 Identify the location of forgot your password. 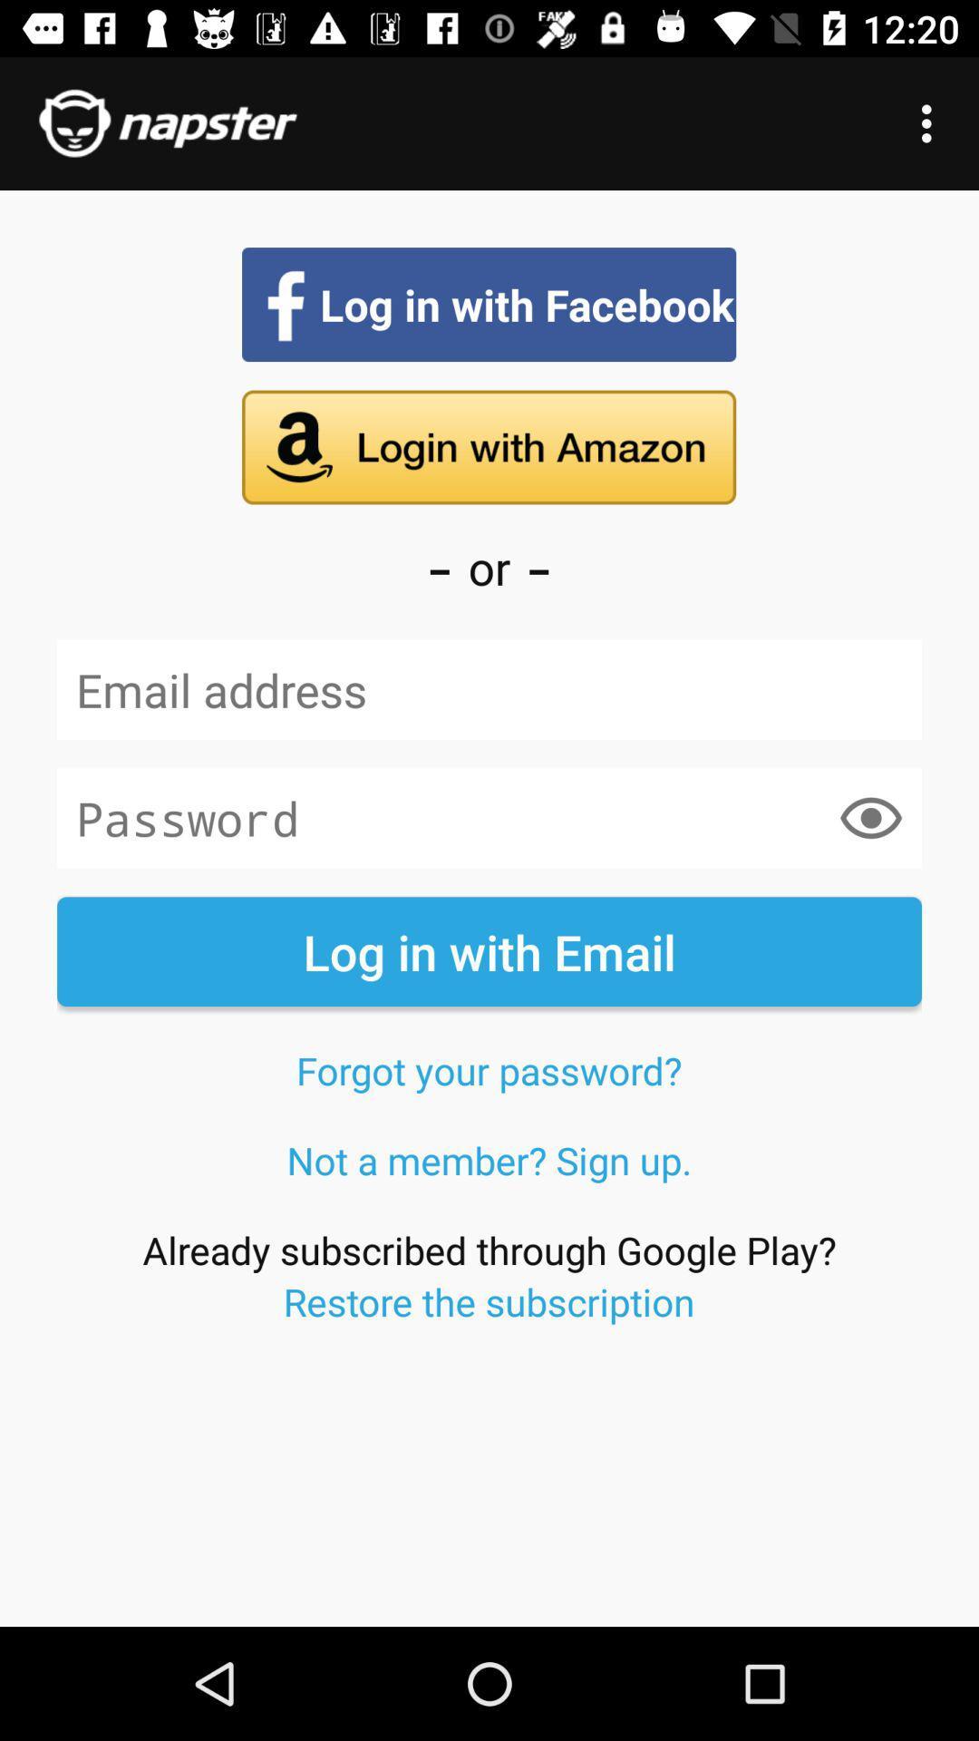
(488, 1070).